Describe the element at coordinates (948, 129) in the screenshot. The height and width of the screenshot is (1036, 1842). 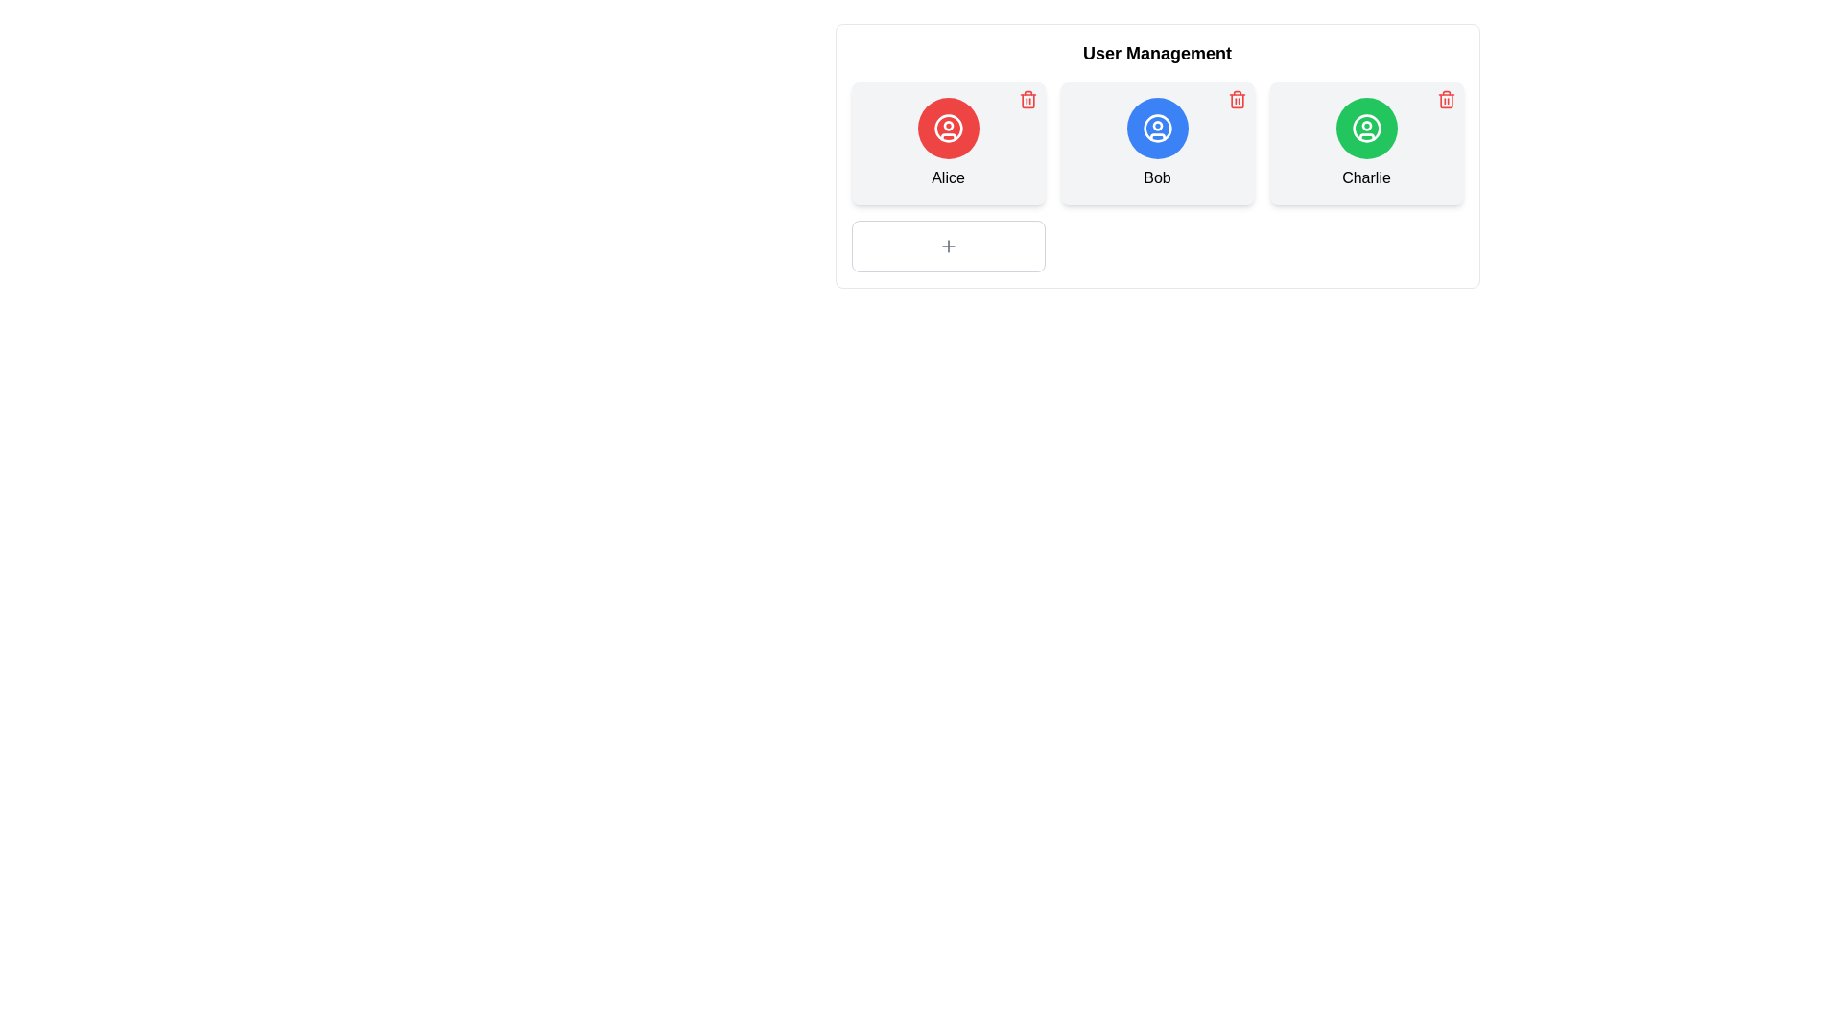
I see `the circular user icon with a red background and a white user icon centered in it, located at the top of the 'Alice' card` at that location.